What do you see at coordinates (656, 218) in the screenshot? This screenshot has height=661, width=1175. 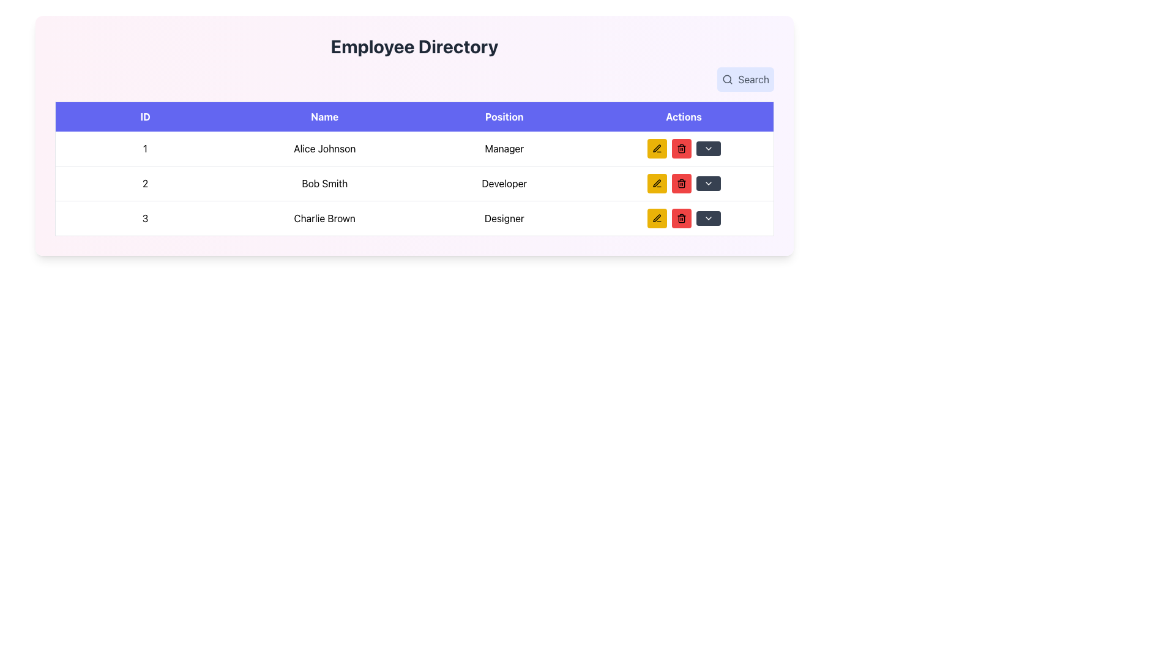 I see `the 'Edit' button for the employee 'Charlie Brown' in the third row of the 'Actions' column` at bounding box center [656, 218].